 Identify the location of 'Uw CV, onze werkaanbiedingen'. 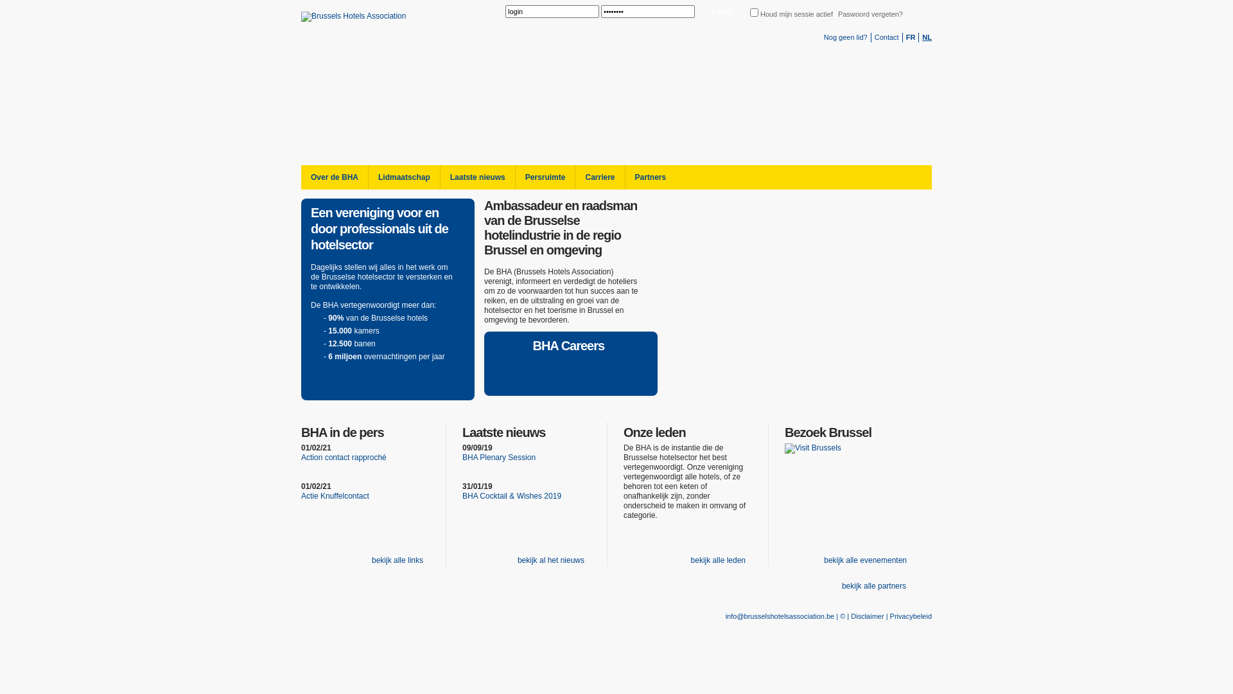
(568, 378).